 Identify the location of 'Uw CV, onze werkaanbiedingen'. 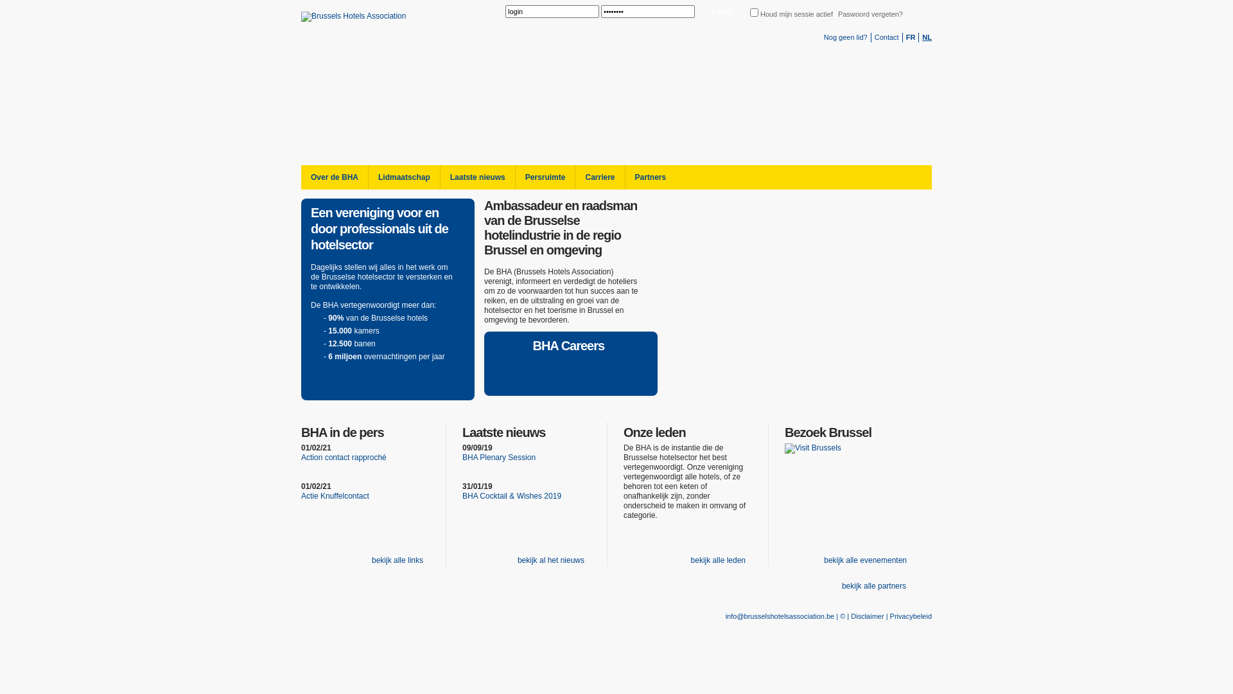
(568, 378).